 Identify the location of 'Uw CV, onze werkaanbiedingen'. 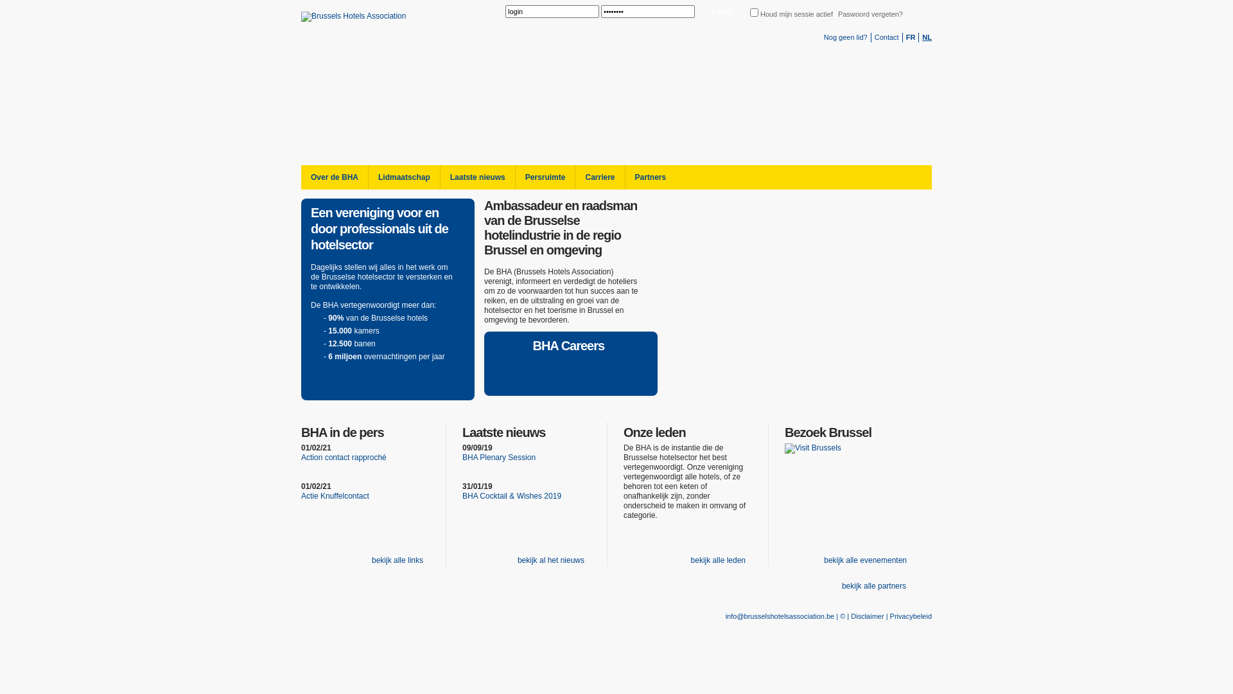
(568, 378).